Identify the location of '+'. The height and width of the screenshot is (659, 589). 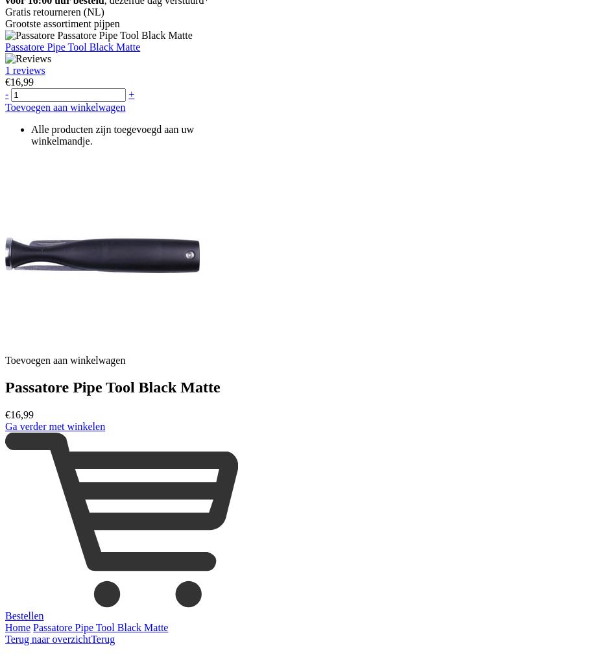
(131, 93).